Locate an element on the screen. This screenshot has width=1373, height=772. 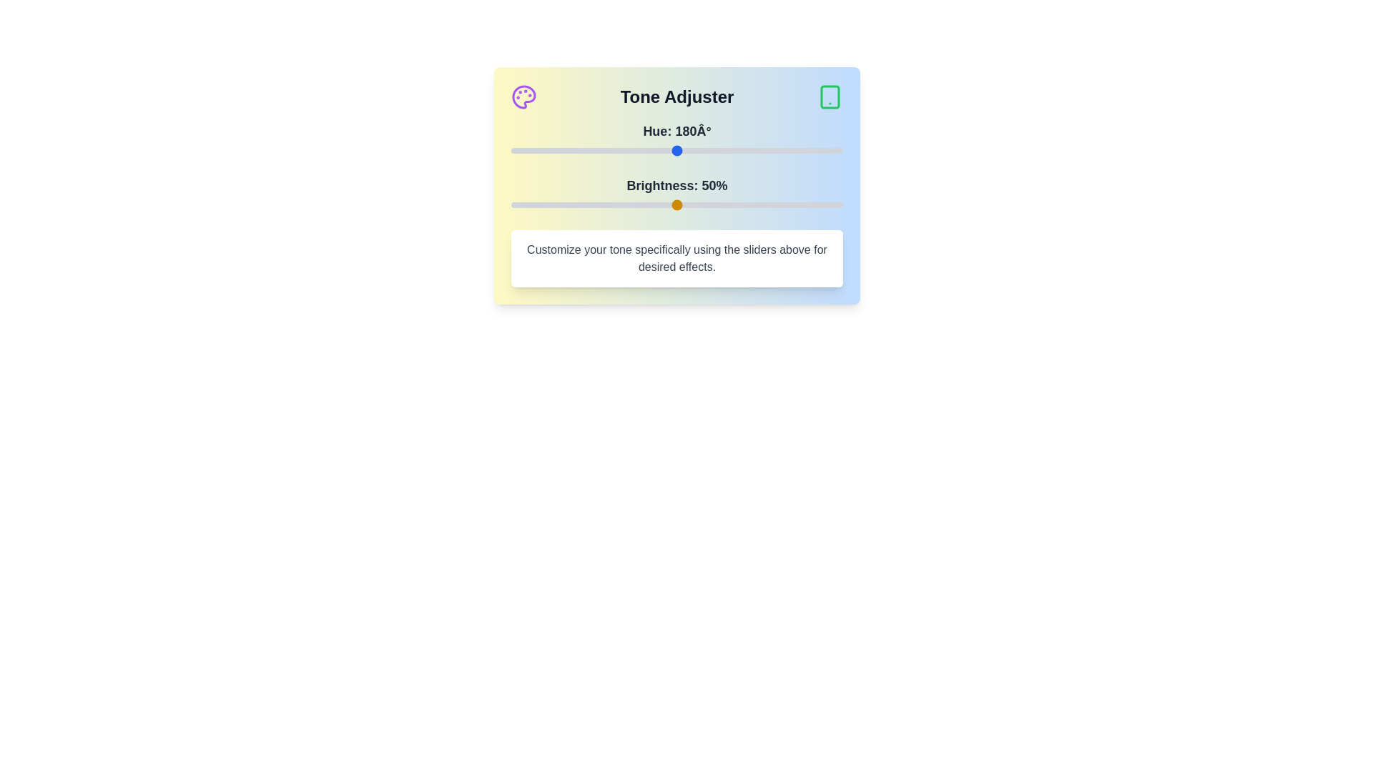
the brightness slider to 14% is located at coordinates (556, 204).